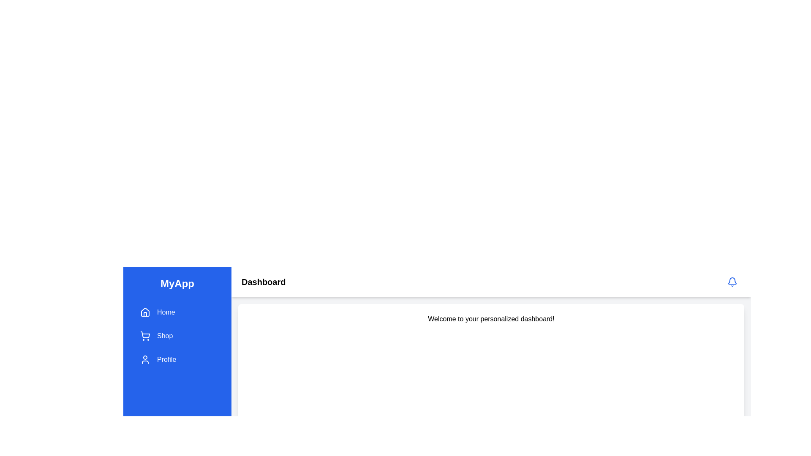 The width and height of the screenshot is (811, 456). What do you see at coordinates (177, 283) in the screenshot?
I see `the branding text label at the top of the navigation panel, if it is interactive` at bounding box center [177, 283].